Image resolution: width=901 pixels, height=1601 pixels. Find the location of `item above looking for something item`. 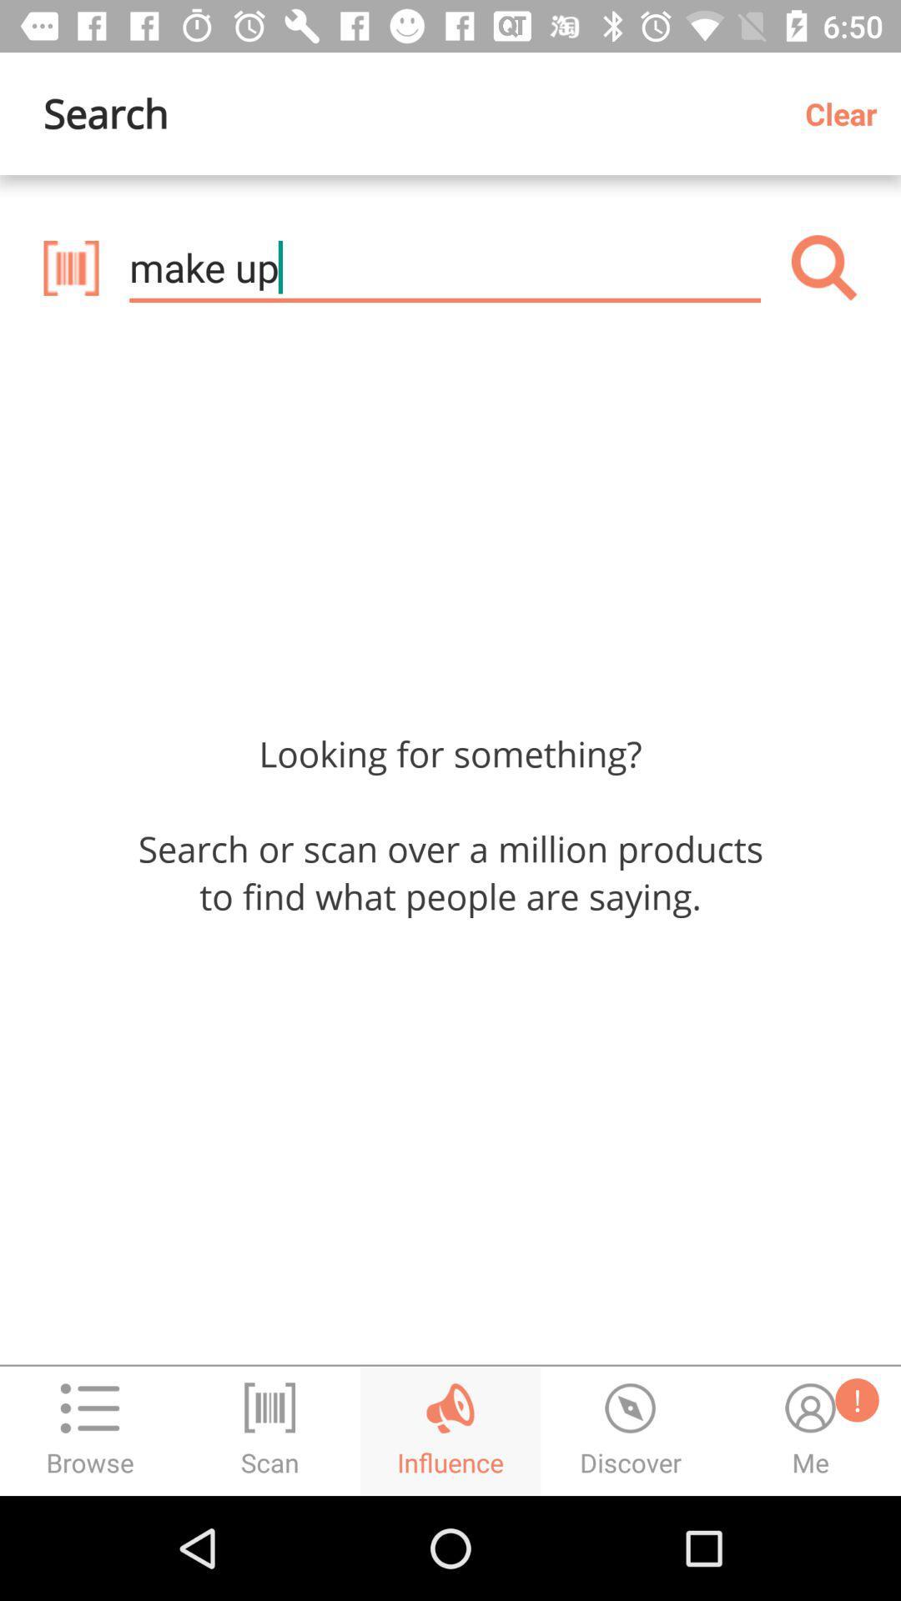

item above looking for something item is located at coordinates (444, 268).